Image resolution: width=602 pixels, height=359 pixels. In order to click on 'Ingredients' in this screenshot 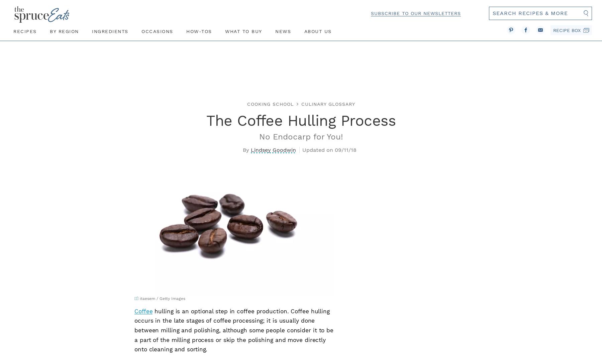, I will do `click(92, 30)`.